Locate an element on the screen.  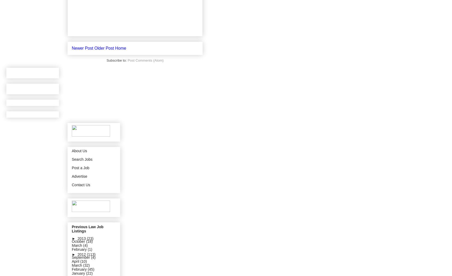
'(113)' is located at coordinates (91, 254).